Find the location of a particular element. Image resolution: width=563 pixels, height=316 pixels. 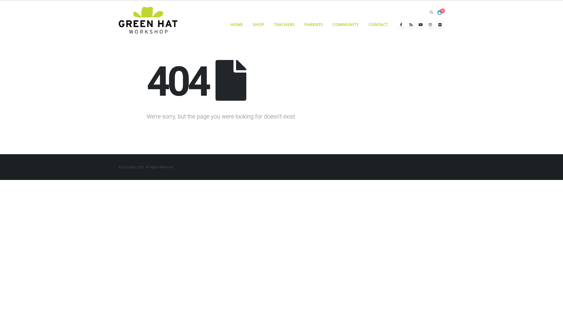

'Youtube' is located at coordinates (420, 24).